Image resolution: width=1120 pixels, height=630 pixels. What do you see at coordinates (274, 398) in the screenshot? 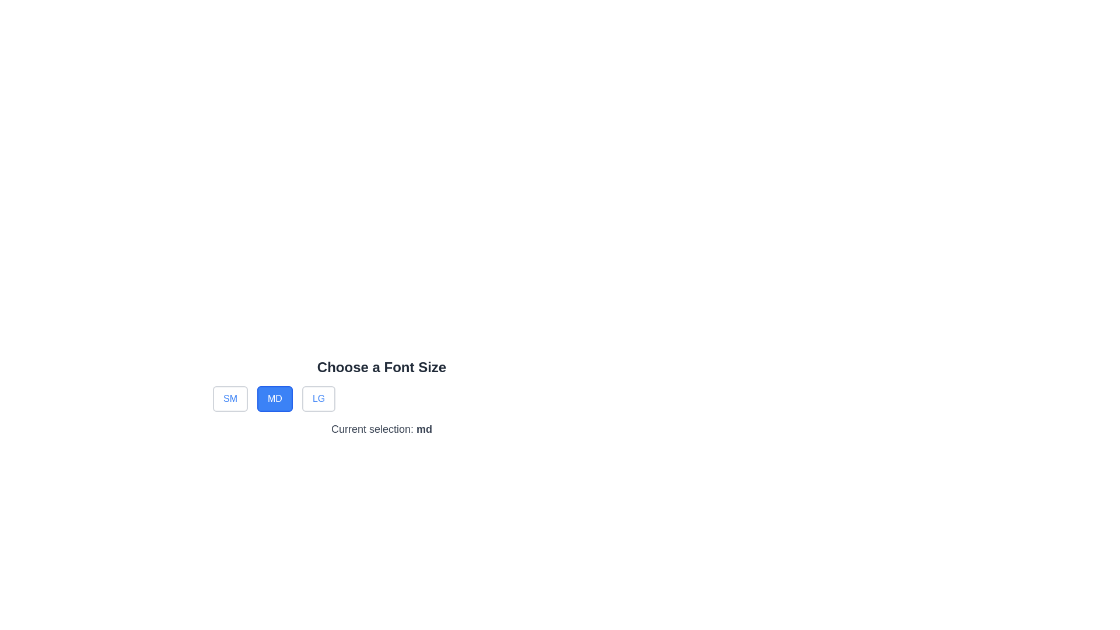
I see `the blue rectangular button labeled 'MD' to trigger a tooltip or highlight effect, positioned between the 'SM' and 'LG' buttons in the 'Choose a Font Size' group` at bounding box center [274, 398].